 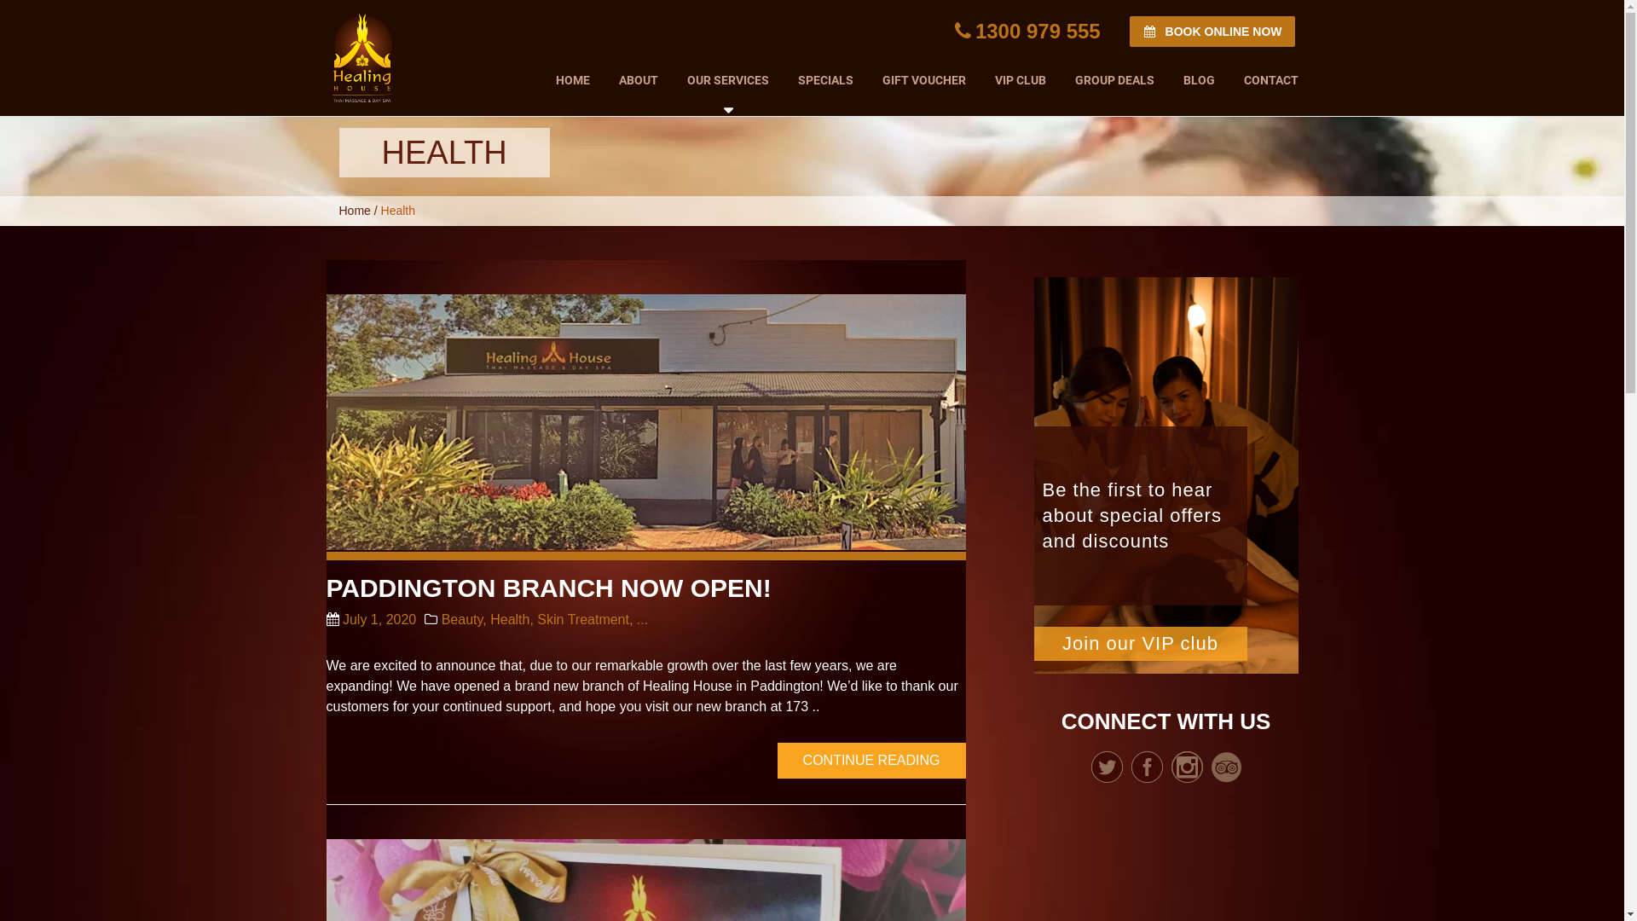 What do you see at coordinates (1114, 75) in the screenshot?
I see `'GROUP DEALS'` at bounding box center [1114, 75].